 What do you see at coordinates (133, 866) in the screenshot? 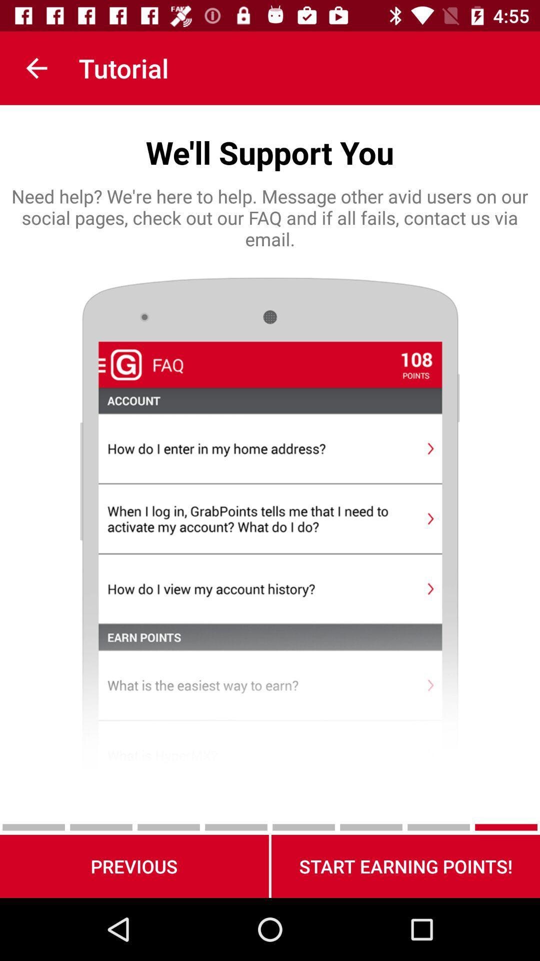
I see `the previous` at bounding box center [133, 866].